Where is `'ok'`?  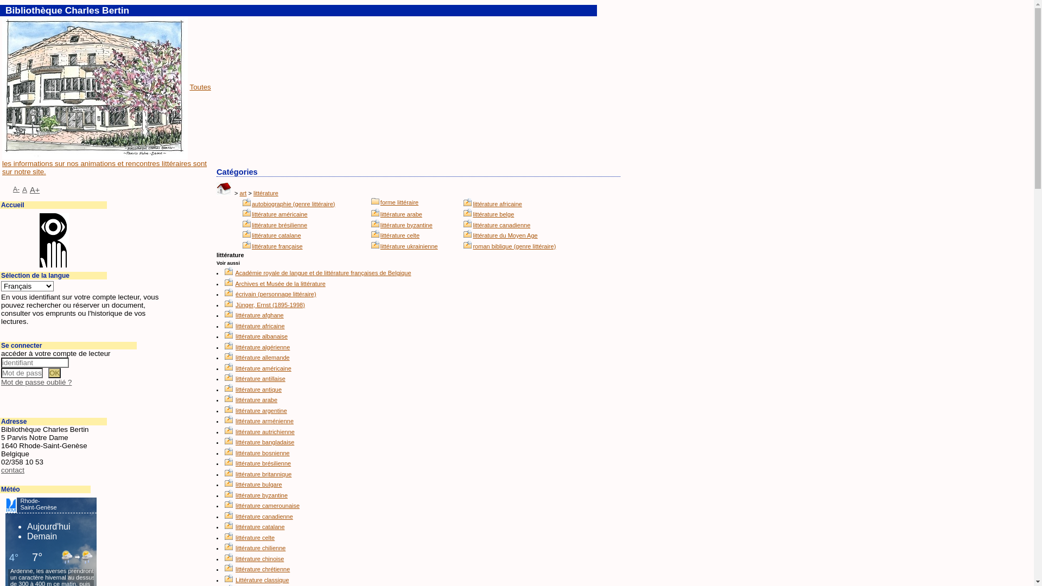 'ok' is located at coordinates (54, 372).